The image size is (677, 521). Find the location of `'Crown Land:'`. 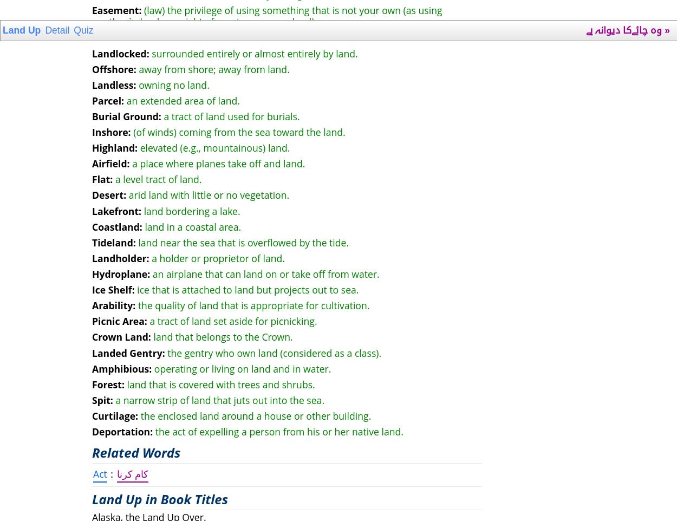

'Crown Land:' is located at coordinates (121, 336).